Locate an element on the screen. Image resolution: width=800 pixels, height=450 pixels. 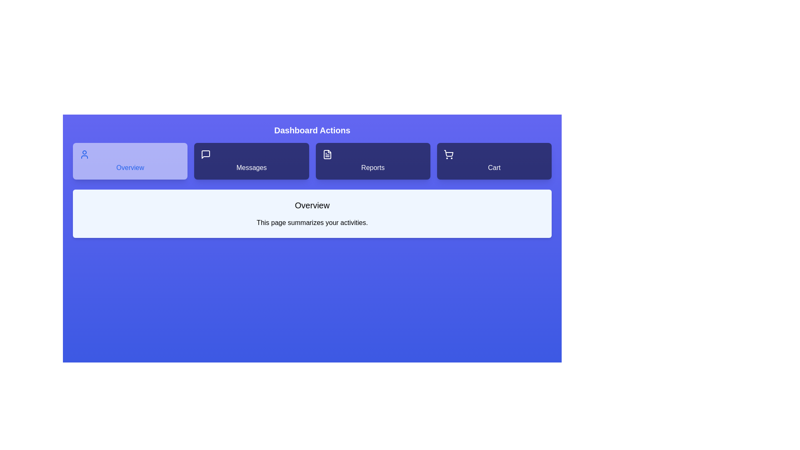
the Messages tab to view its content is located at coordinates (251, 161).